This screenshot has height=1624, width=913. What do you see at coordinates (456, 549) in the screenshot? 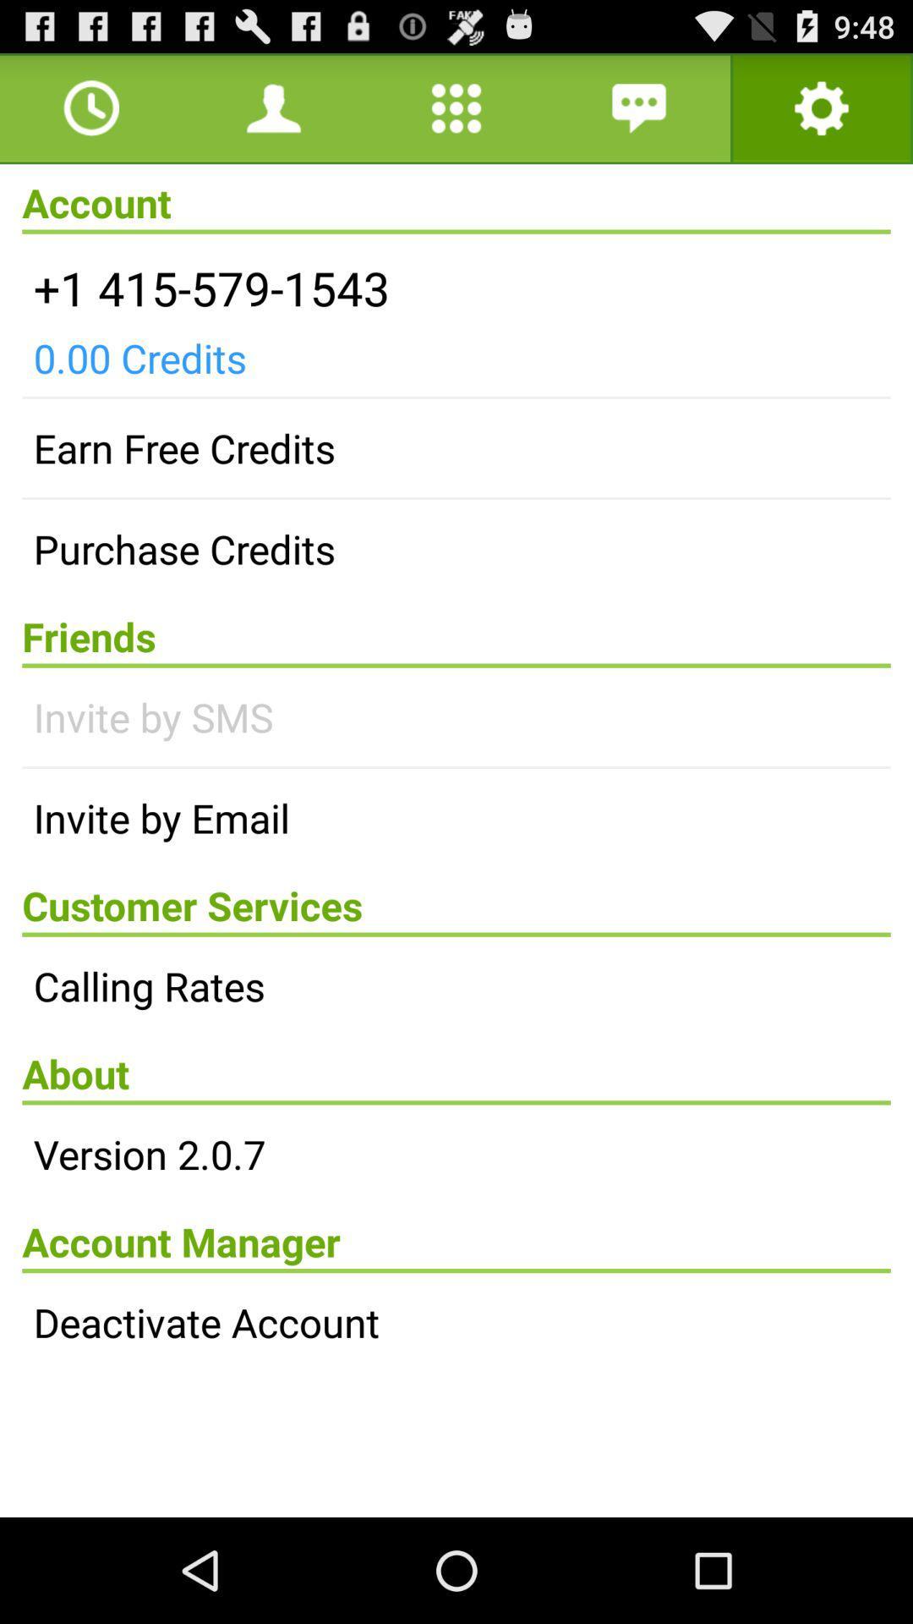
I see `the purchase credits icon` at bounding box center [456, 549].